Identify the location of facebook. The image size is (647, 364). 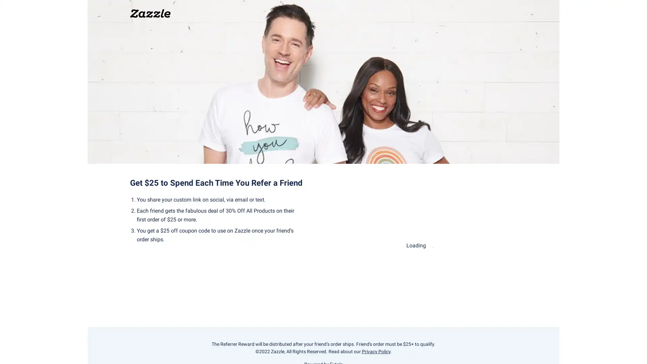
(467, 238).